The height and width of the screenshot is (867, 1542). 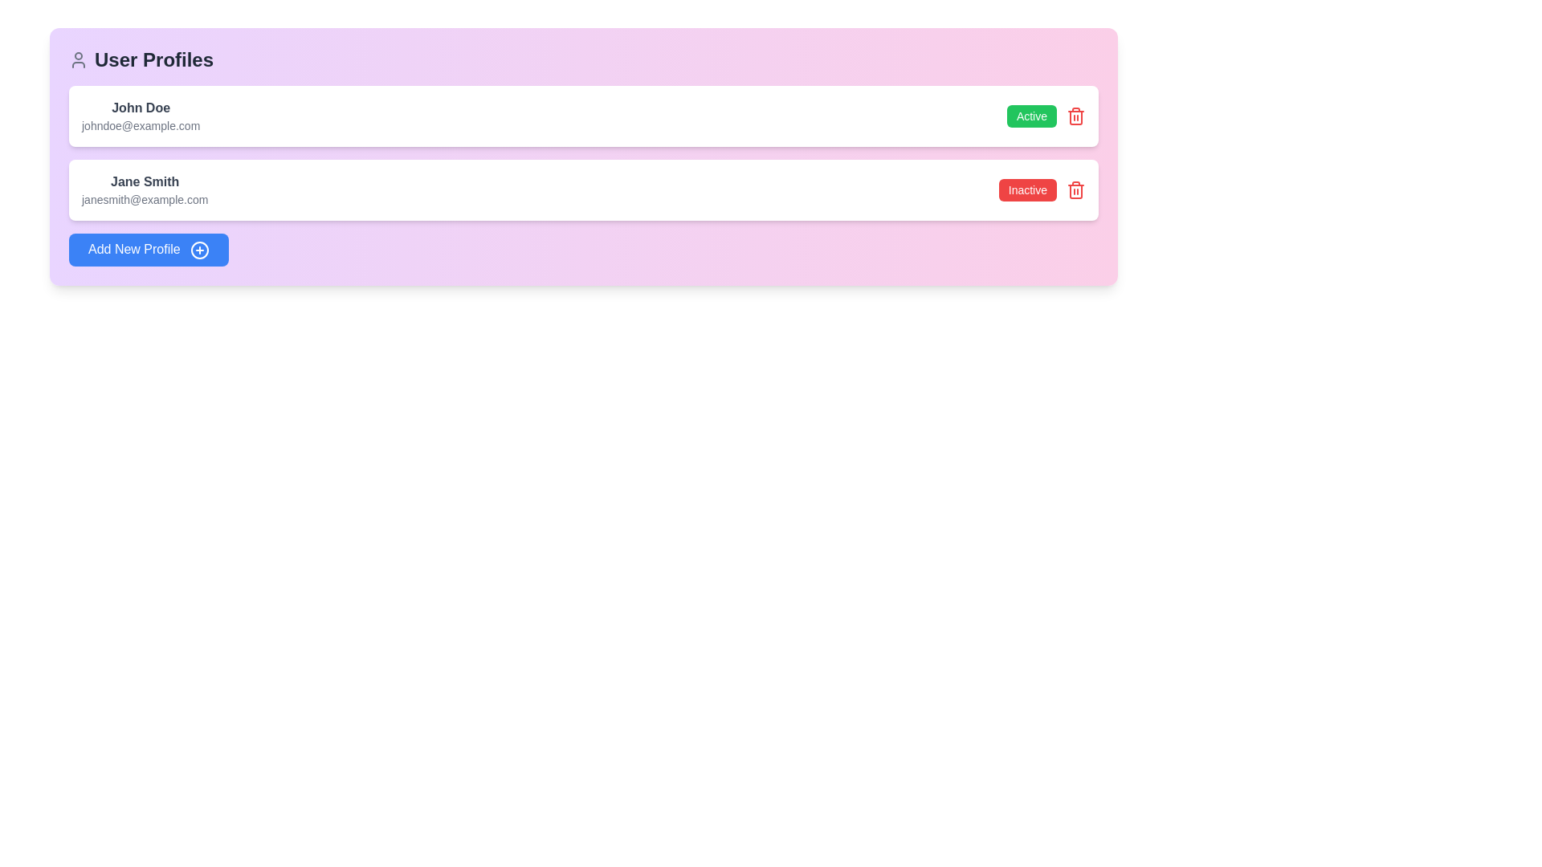 I want to click on text information from the List item text block displaying the name and email address of a user within the profile list, located in the upper portion of the user profile list under the 'User Profiles' heading, so click(x=141, y=116).